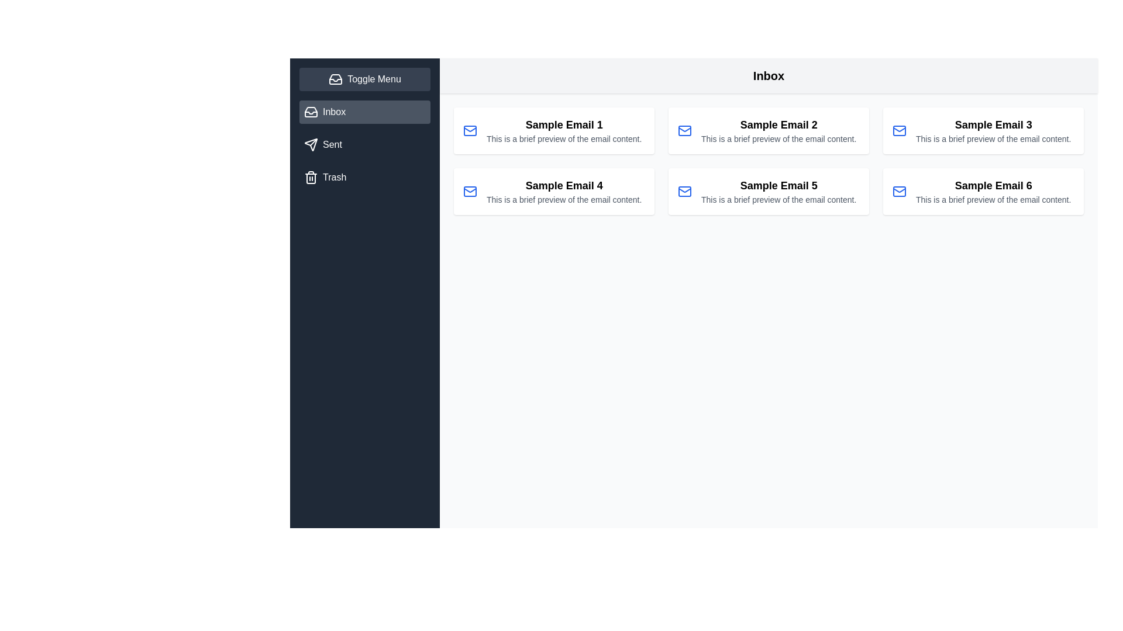 This screenshot has width=1123, height=631. What do you see at coordinates (993, 130) in the screenshot?
I see `the text block displaying 'Sample Email 3'` at bounding box center [993, 130].